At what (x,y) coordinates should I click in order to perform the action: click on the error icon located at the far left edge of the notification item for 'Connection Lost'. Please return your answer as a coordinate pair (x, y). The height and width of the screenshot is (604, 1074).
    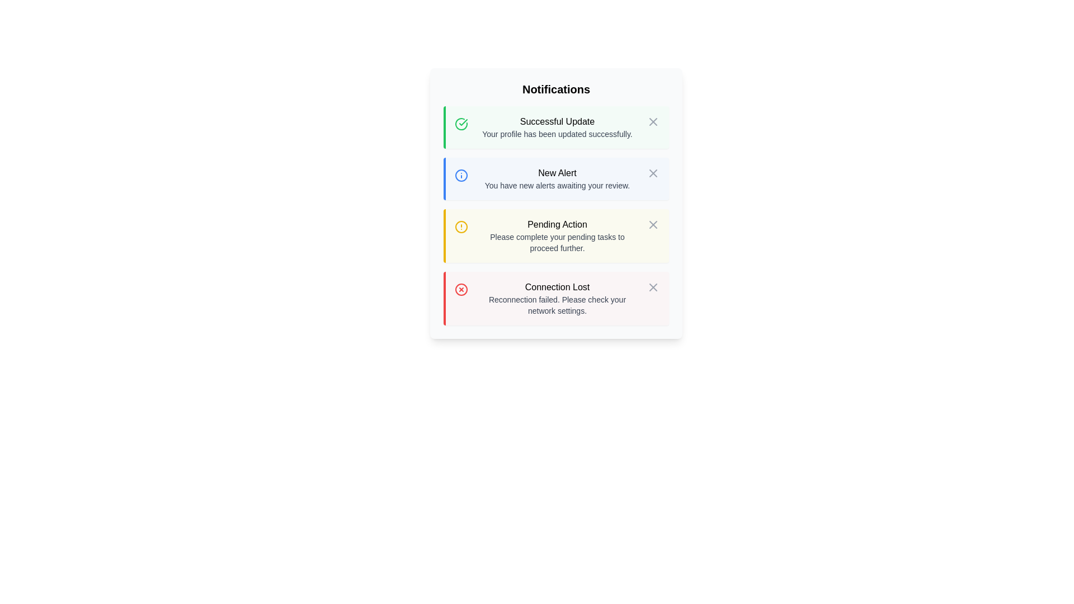
    Looking at the image, I should click on (461, 288).